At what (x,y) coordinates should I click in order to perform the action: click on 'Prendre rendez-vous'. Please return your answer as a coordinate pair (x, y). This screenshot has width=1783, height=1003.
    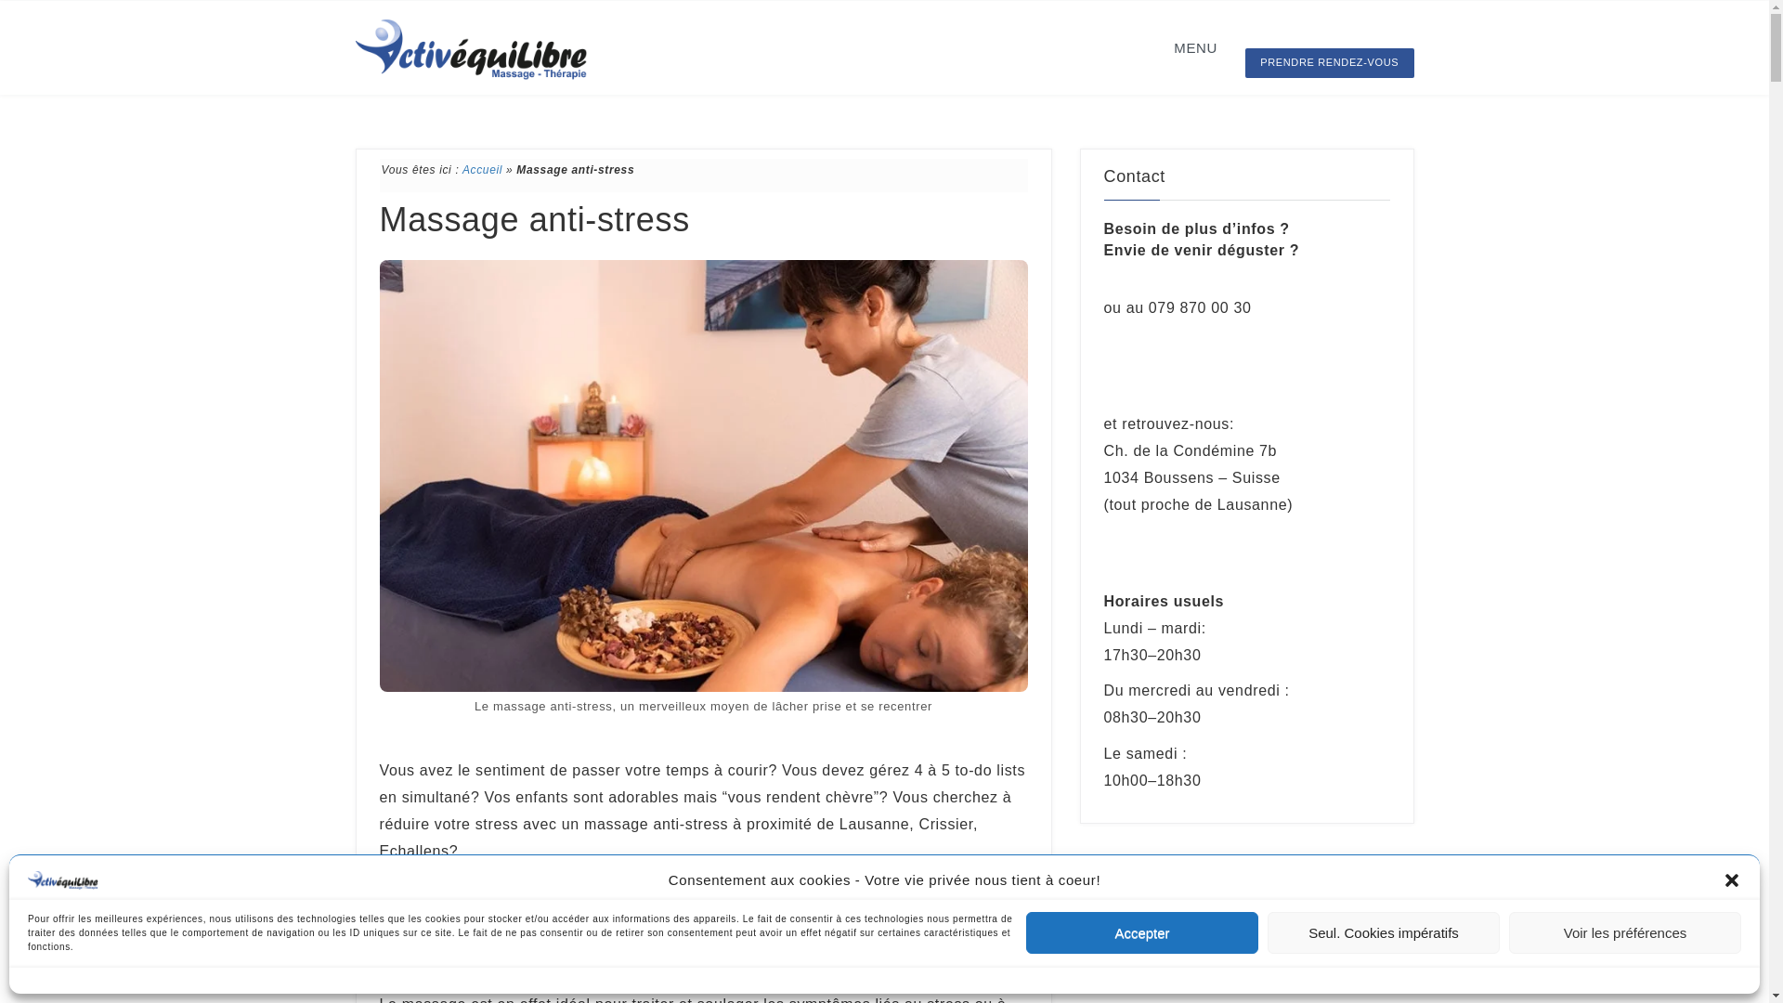
    Looking at the image, I should click on (1198, 367).